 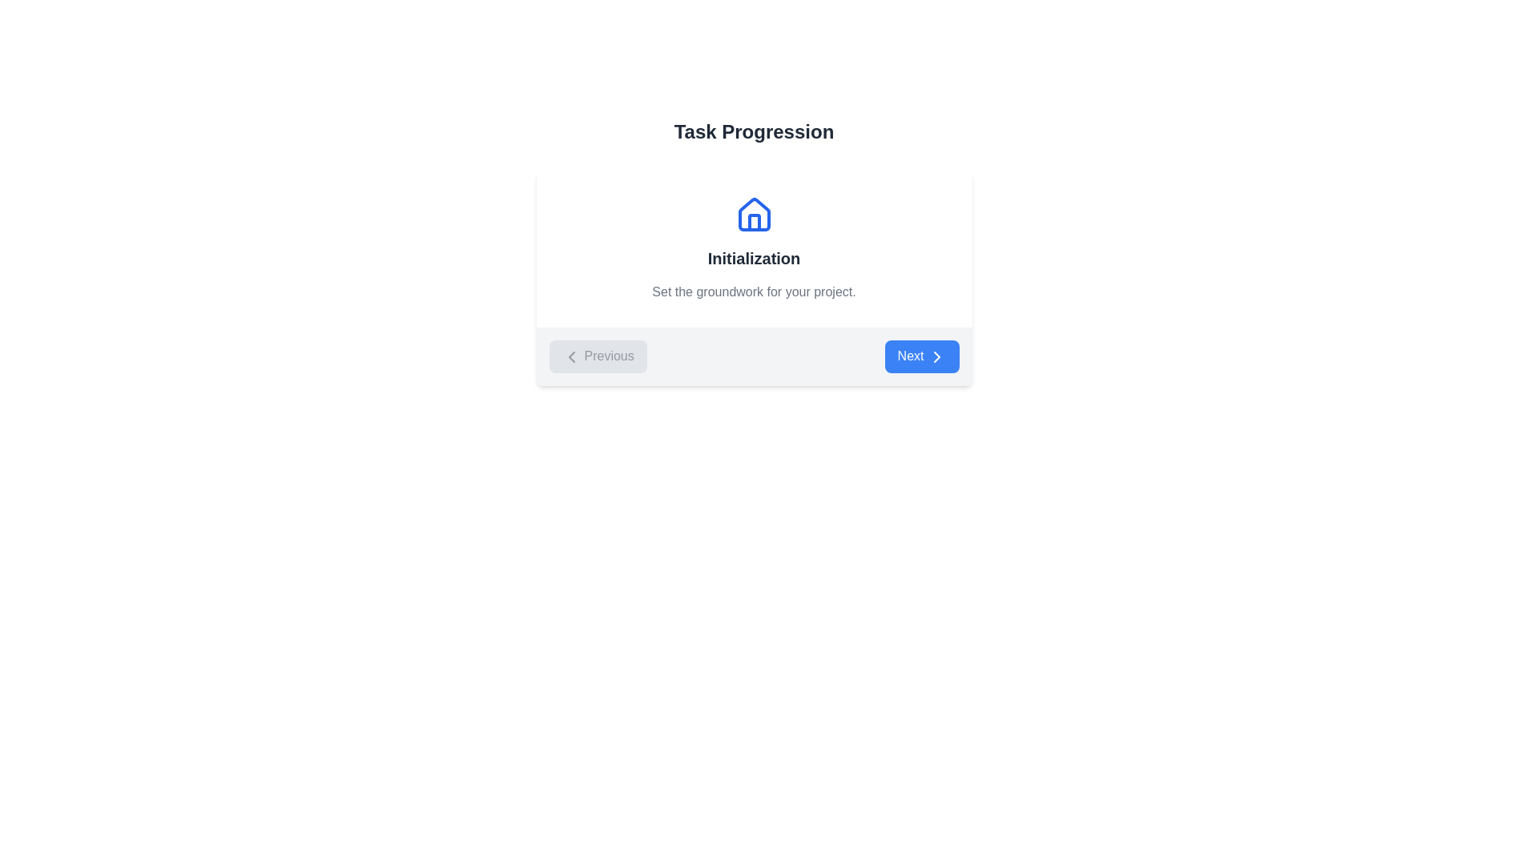 I want to click on the house-shaped icon with a blue stroke located under the 'Task Progression' heading, so click(x=753, y=215).